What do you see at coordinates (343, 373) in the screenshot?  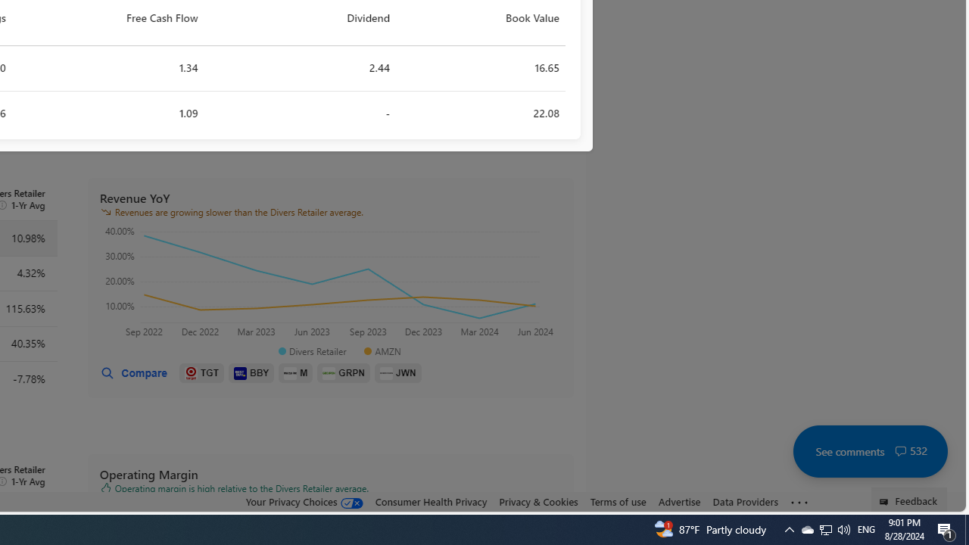 I see `'GRPN'` at bounding box center [343, 373].